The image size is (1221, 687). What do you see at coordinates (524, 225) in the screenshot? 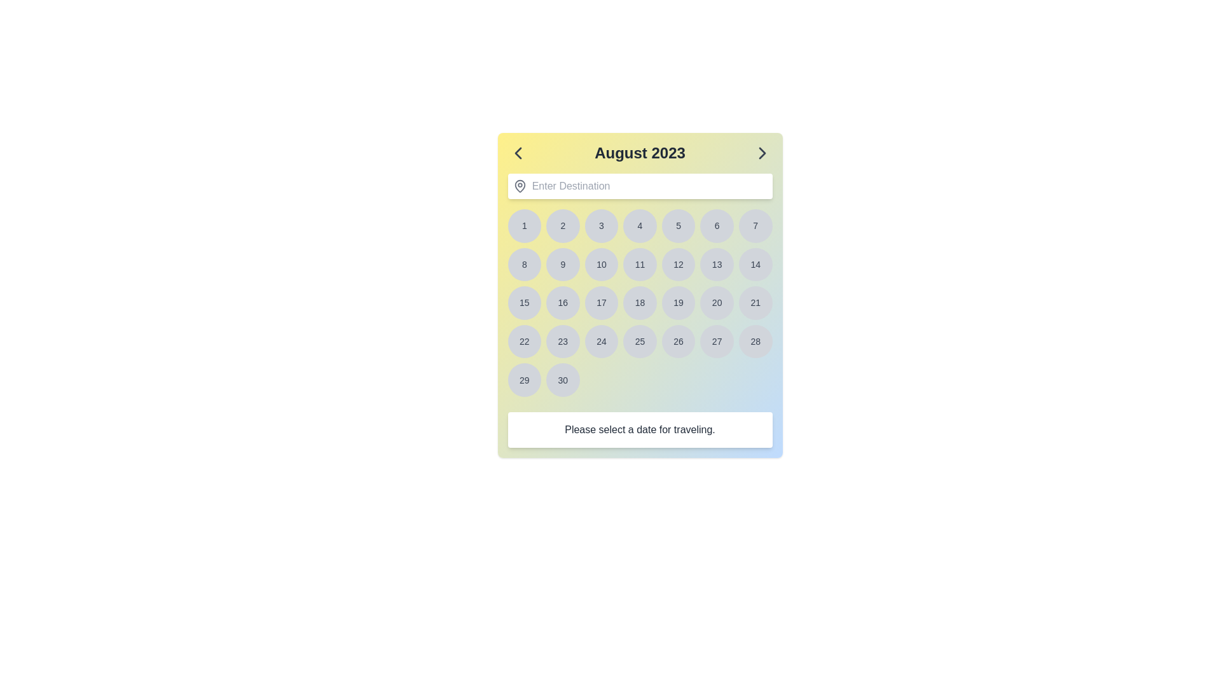
I see `the circular gray button with the number '1' centered in bold text located in the first column and first row of the calendar grid under 'August 2023'` at bounding box center [524, 225].